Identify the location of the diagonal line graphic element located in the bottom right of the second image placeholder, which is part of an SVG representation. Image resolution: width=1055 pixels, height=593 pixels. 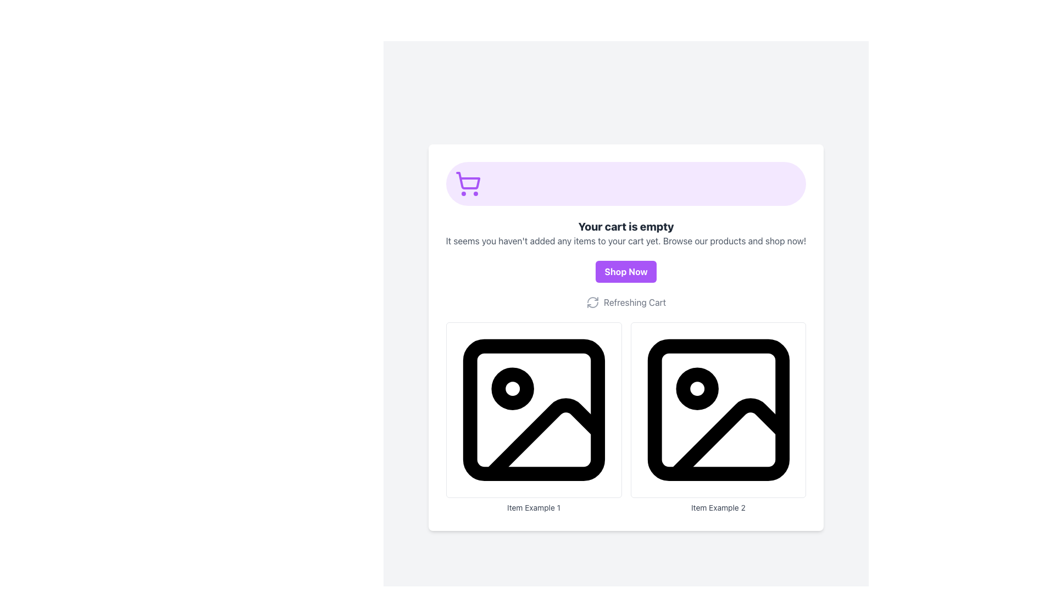
(729, 439).